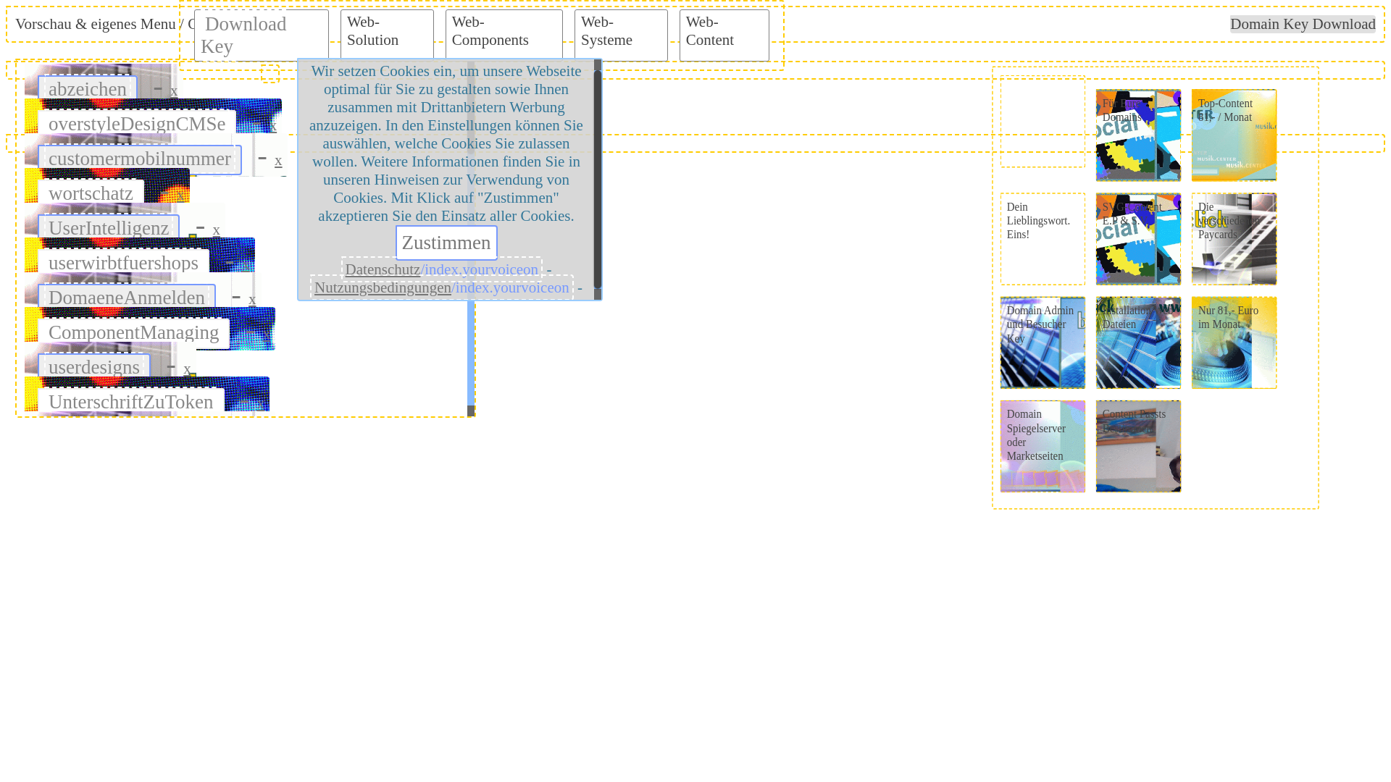 This screenshot has height=782, width=1391. Describe the element at coordinates (133, 332) in the screenshot. I see `'ComponentManaging'` at that location.